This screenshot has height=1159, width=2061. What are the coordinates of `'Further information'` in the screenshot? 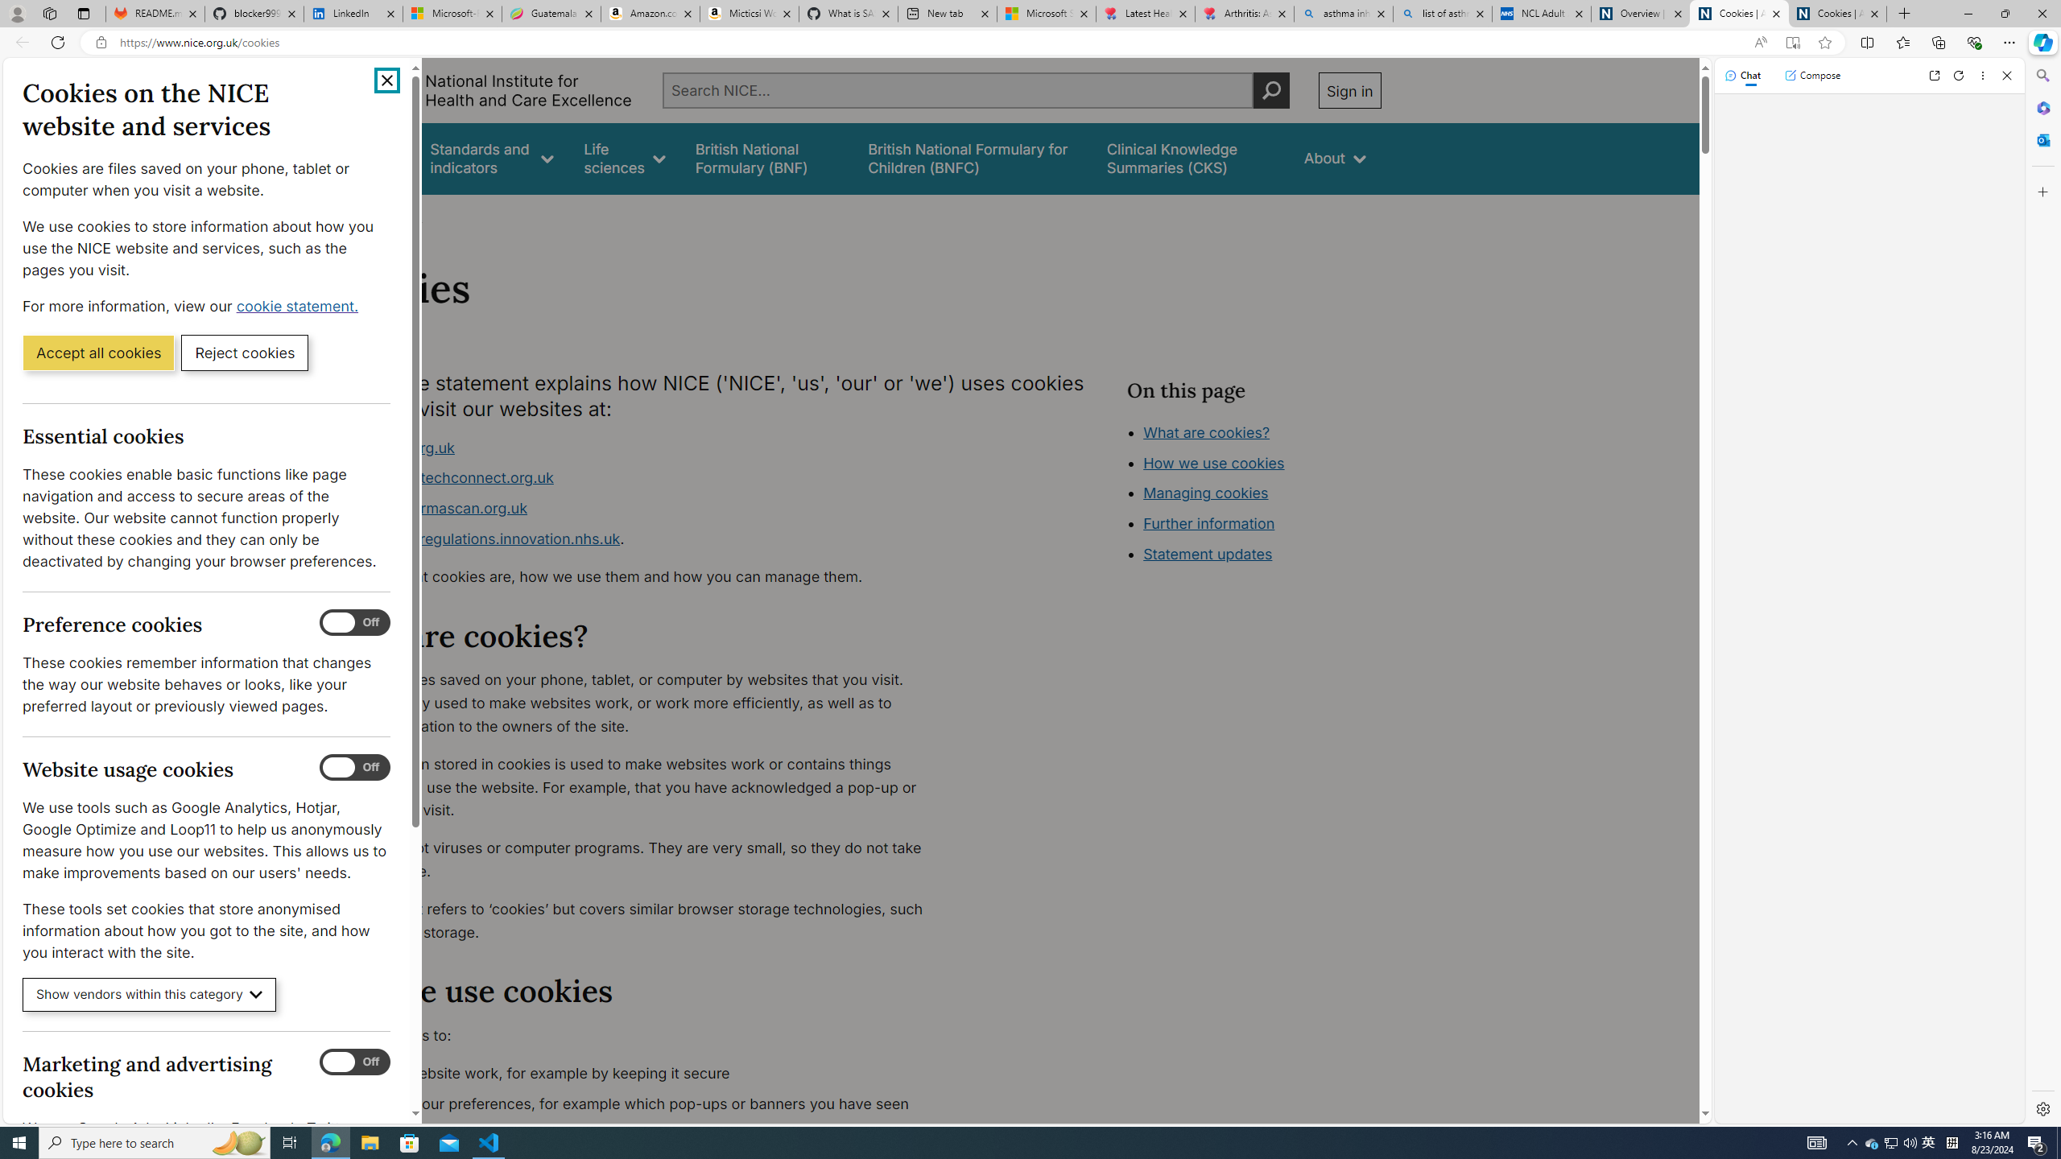 It's located at (1208, 523).